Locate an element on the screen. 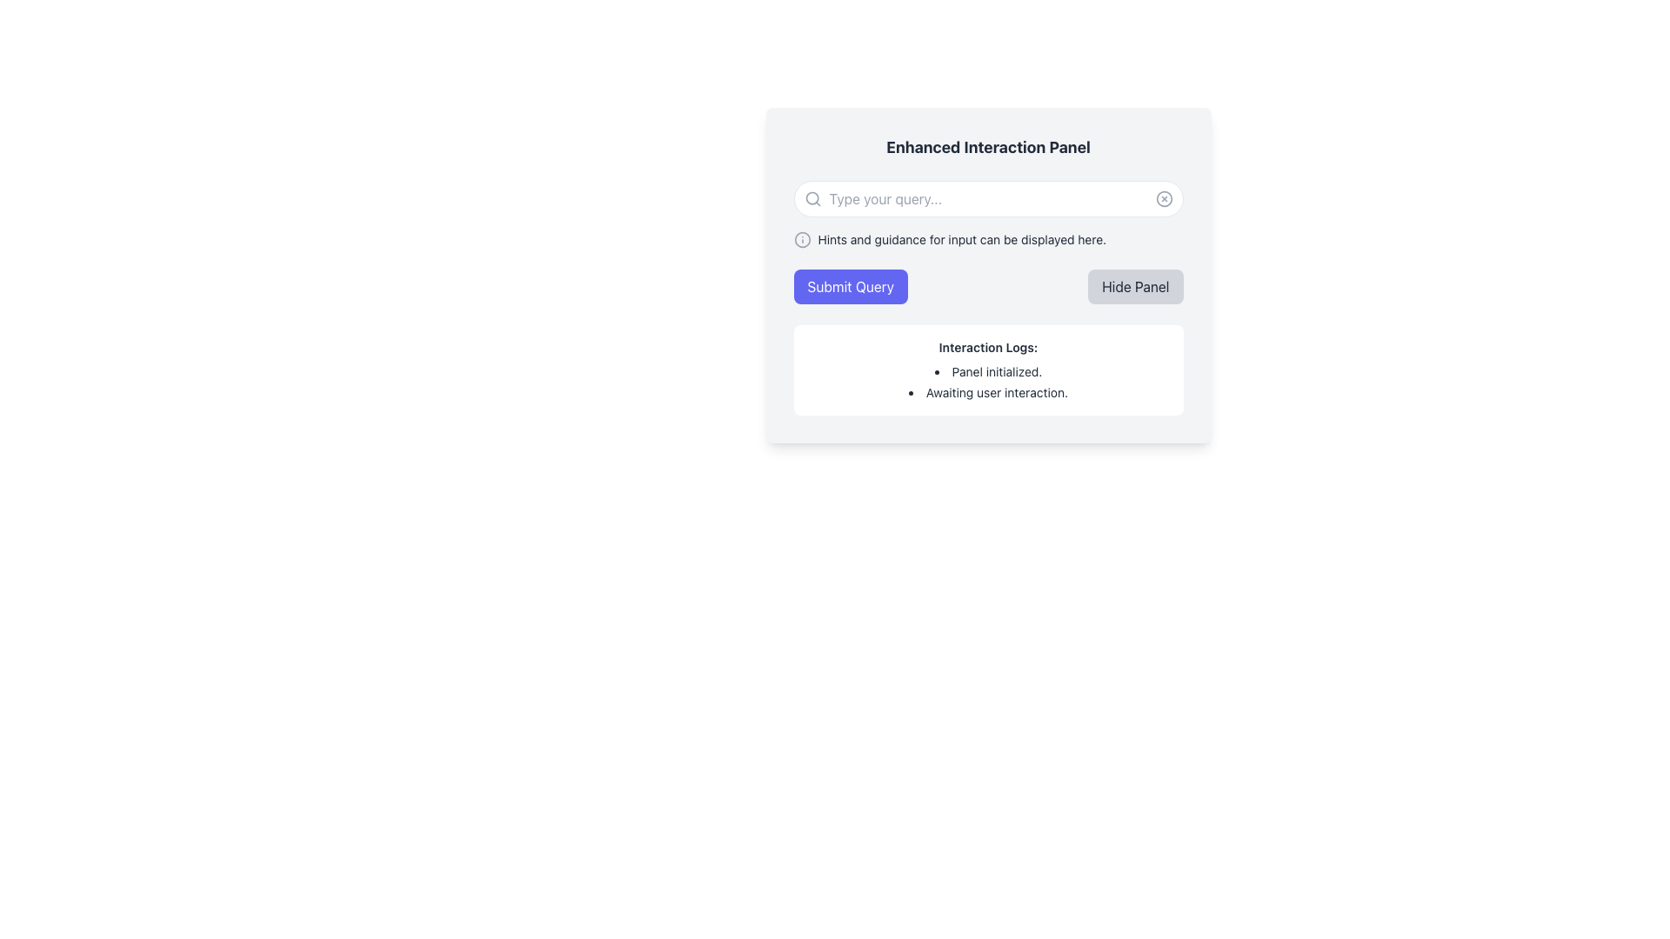 The width and height of the screenshot is (1670, 939). the circular close button with an 'X' shape at the center, which is located at the far right side of the input field is located at coordinates (1164, 197).